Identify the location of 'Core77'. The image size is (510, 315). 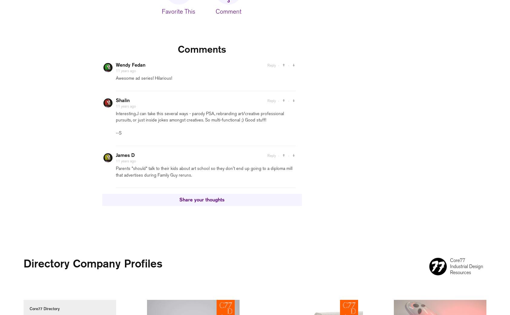
(450, 260).